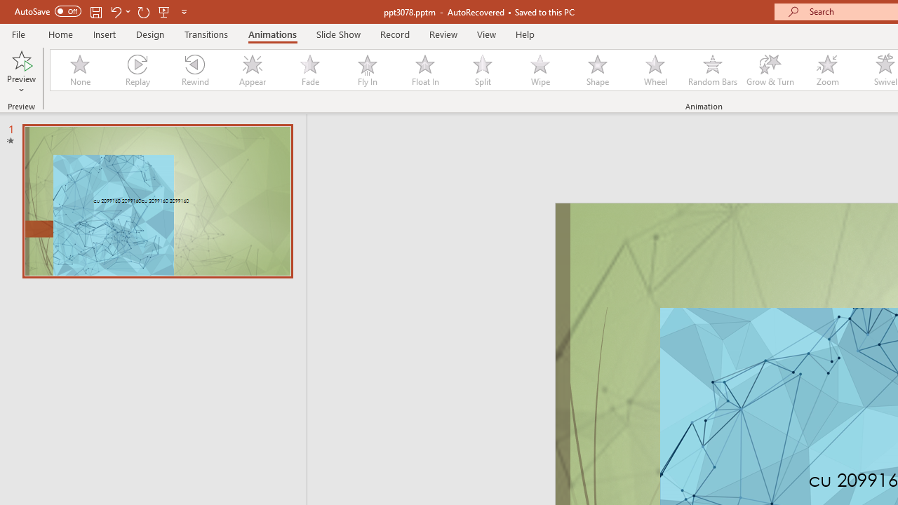 This screenshot has height=505, width=898. I want to click on 'Rewind', so click(194, 70).